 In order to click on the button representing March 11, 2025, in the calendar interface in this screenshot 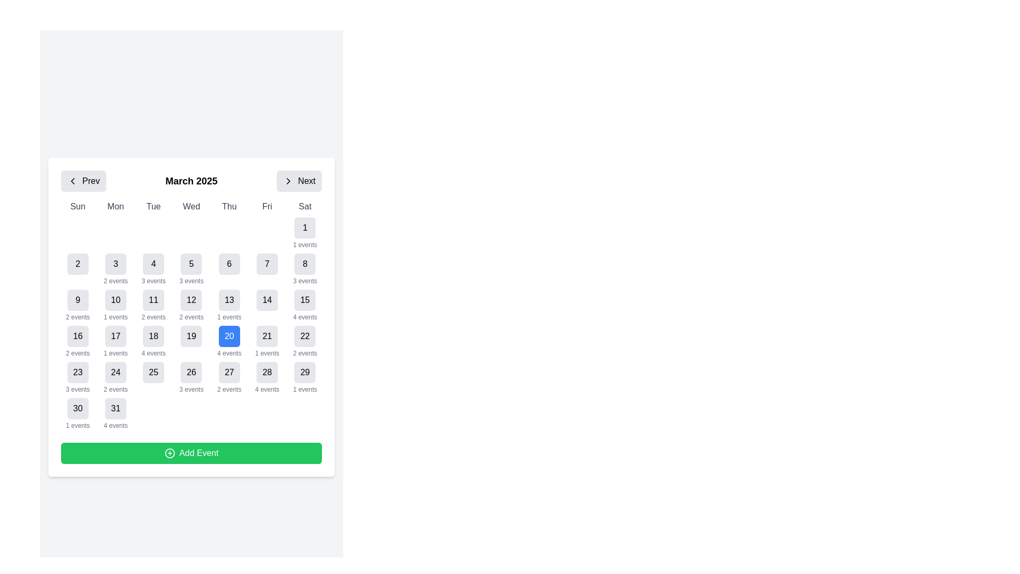, I will do `click(153, 300)`.